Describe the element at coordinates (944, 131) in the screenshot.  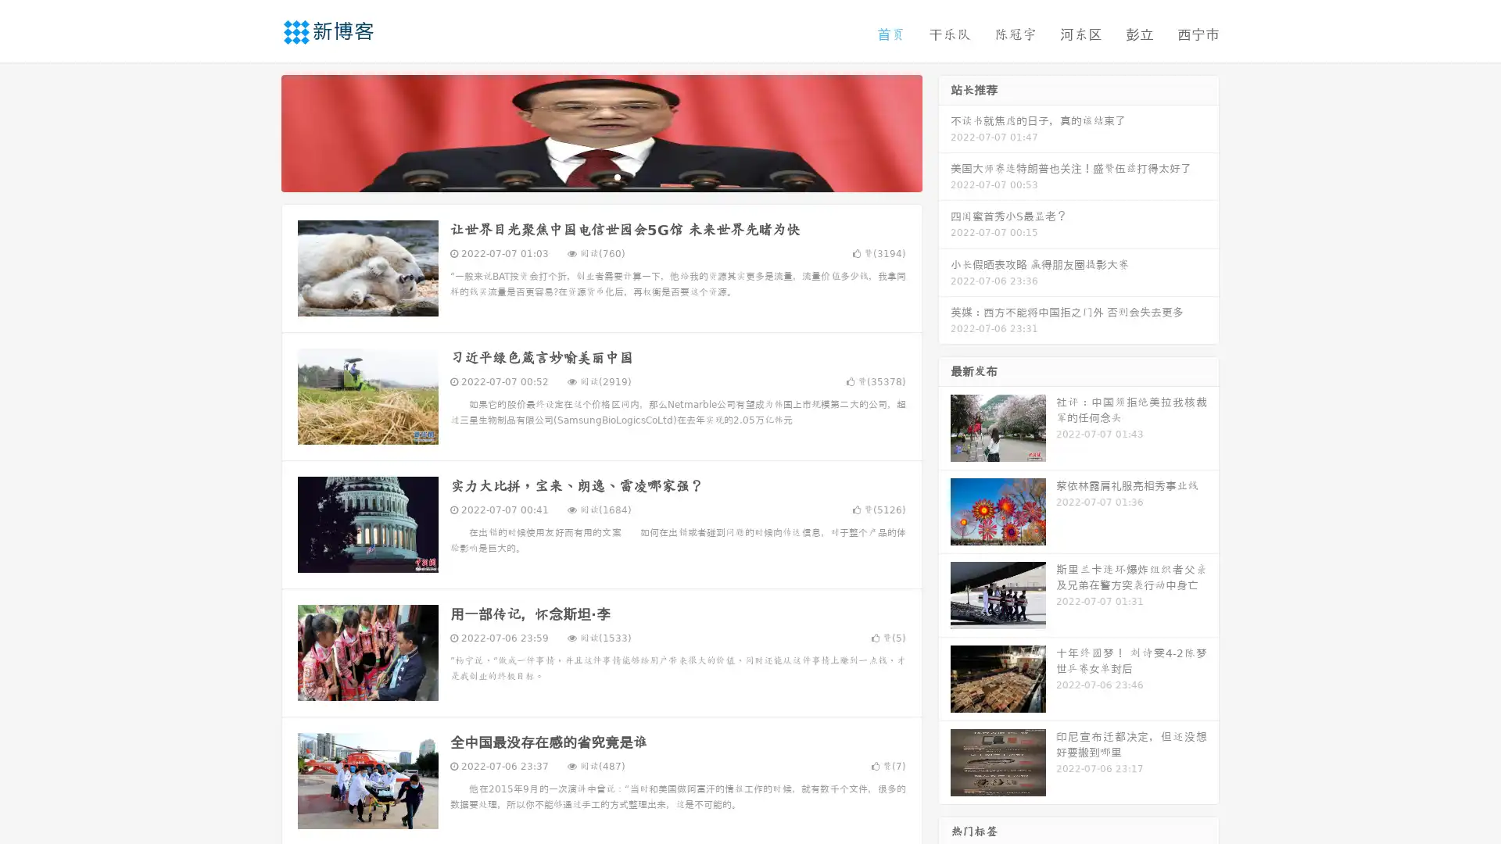
I see `Next slide` at that location.